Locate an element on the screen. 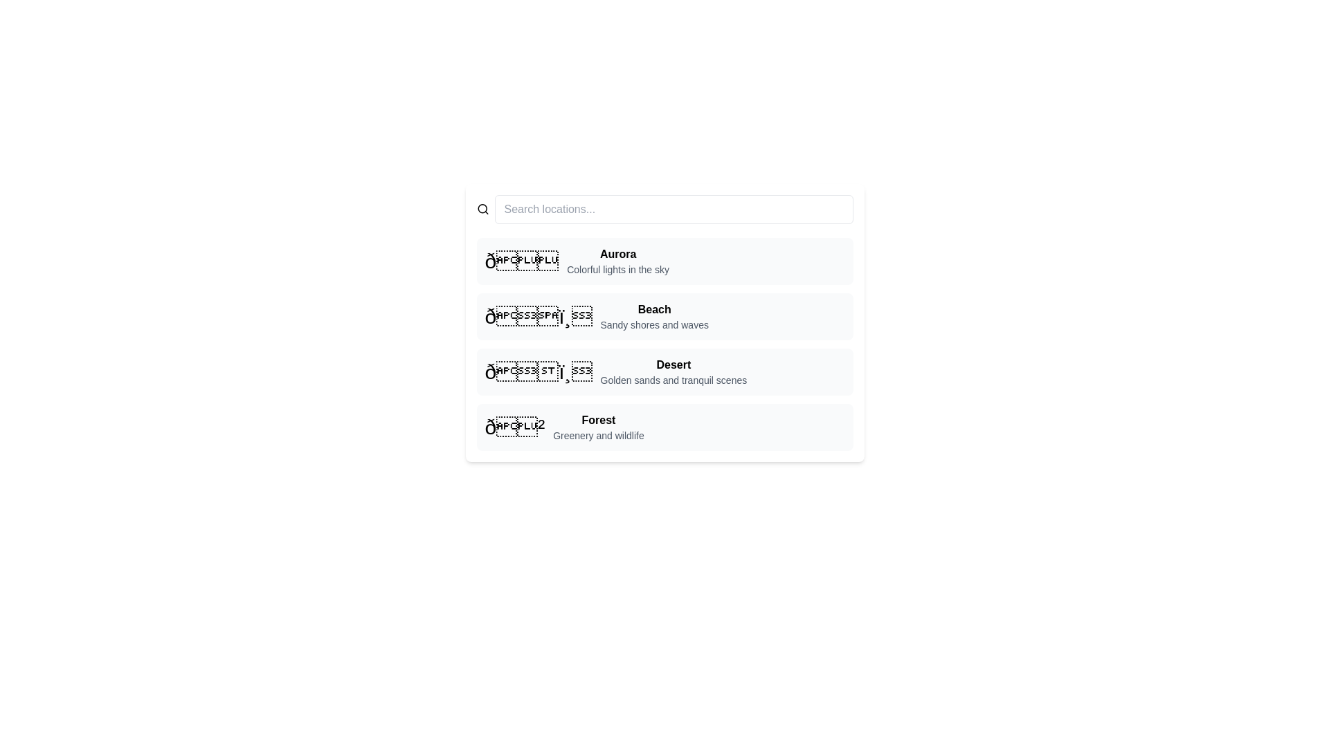 The width and height of the screenshot is (1329, 747). the text-based UI component titled 'Forest' with the description 'Greenery and wildlife' is located at coordinates (598, 426).